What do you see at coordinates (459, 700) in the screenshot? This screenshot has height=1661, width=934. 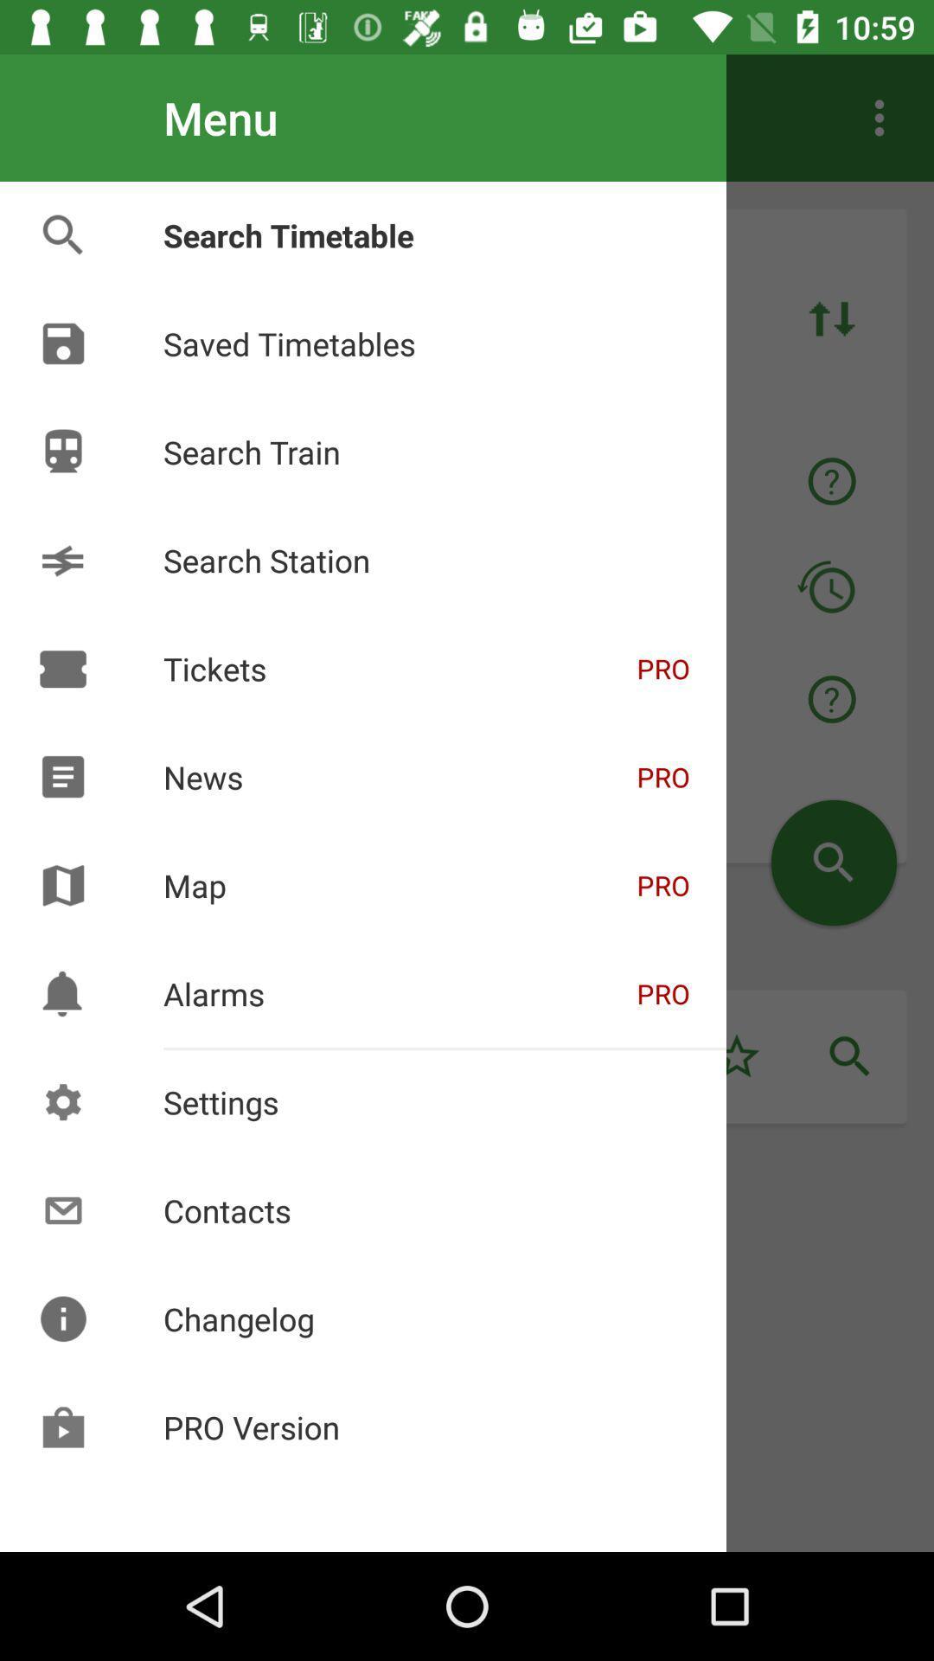 I see `option below search station` at bounding box center [459, 700].